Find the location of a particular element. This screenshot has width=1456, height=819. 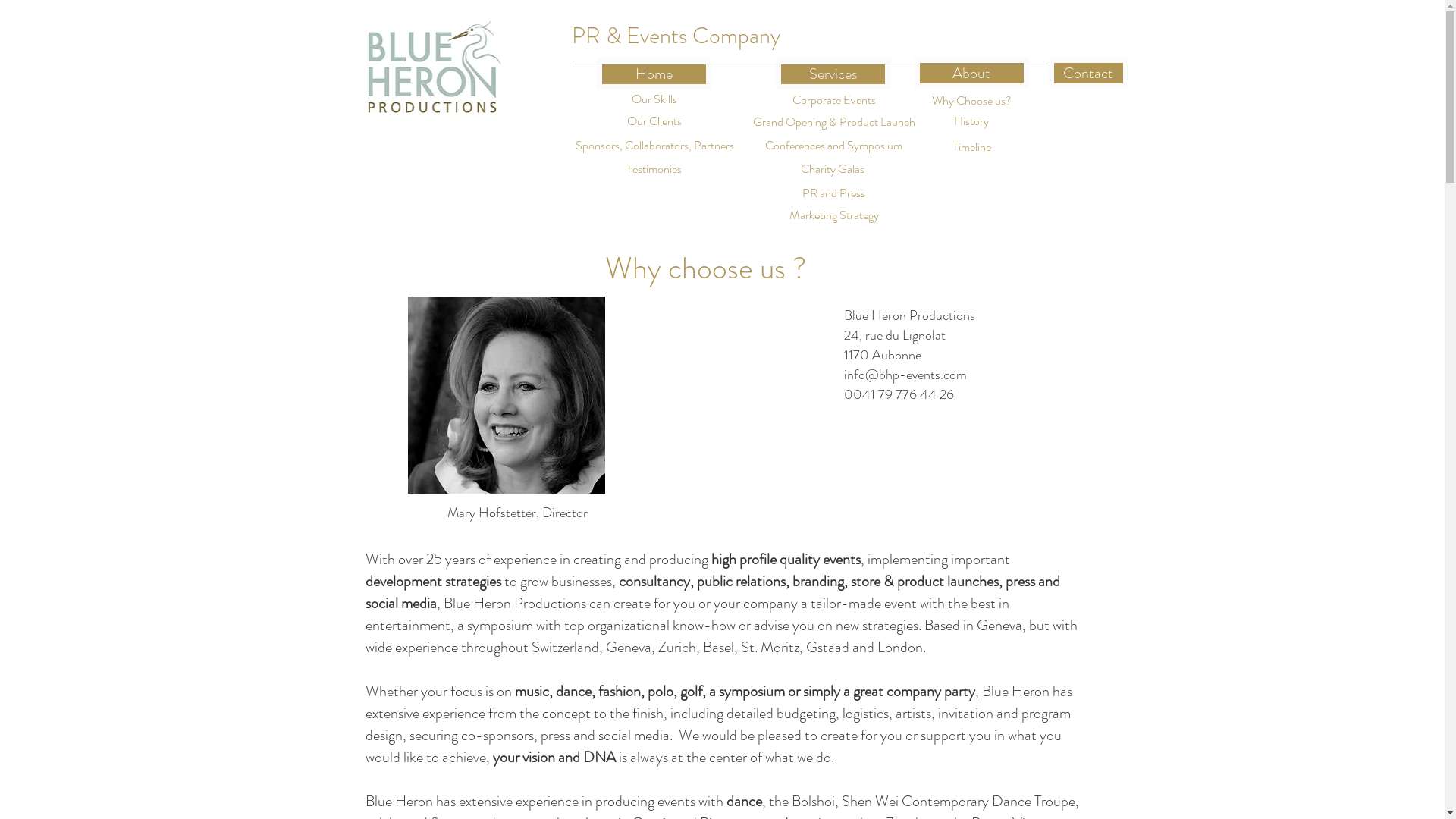

'Corporate Events' is located at coordinates (776, 100).